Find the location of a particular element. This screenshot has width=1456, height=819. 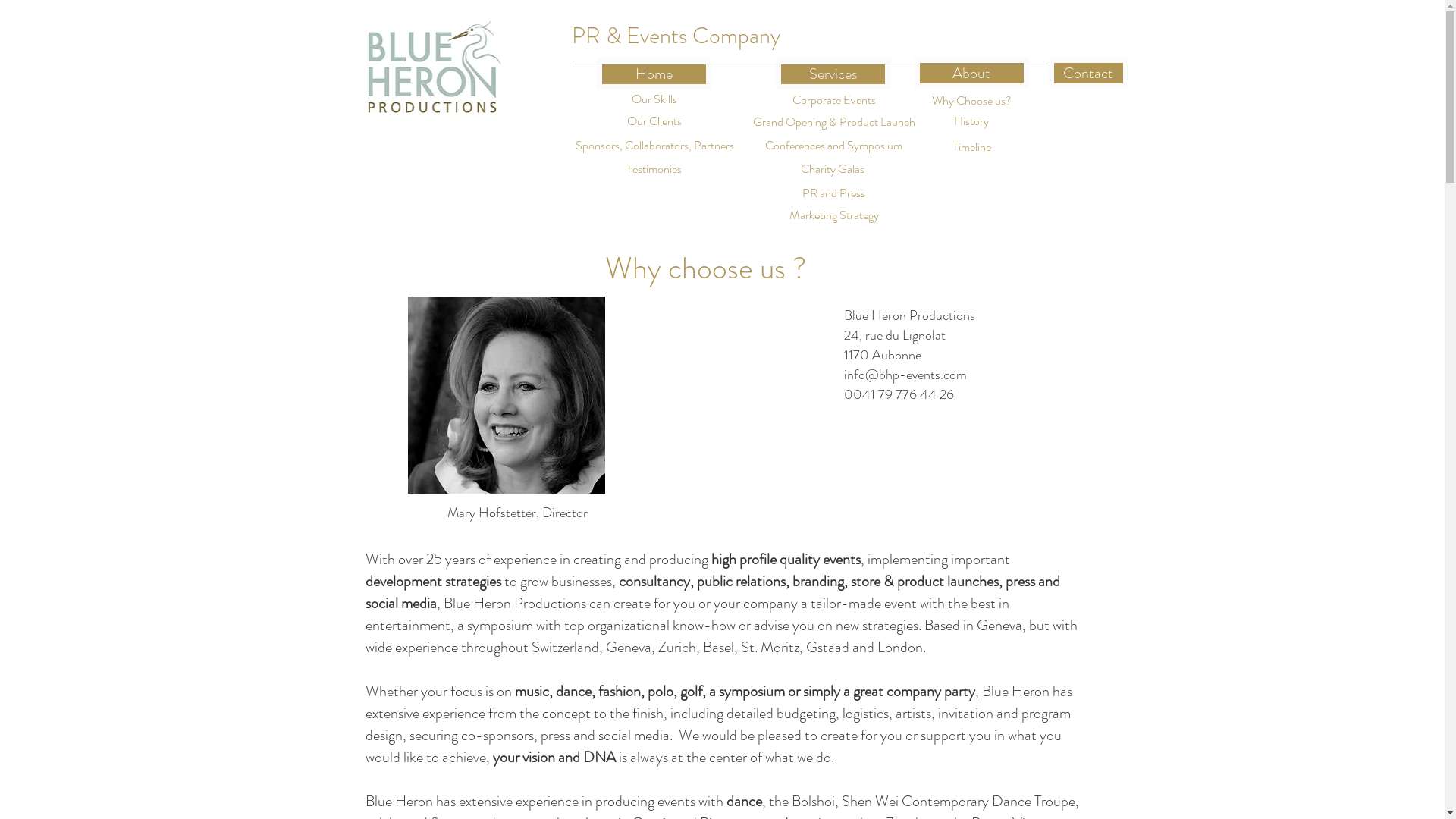

'Corporate Events' is located at coordinates (776, 100).